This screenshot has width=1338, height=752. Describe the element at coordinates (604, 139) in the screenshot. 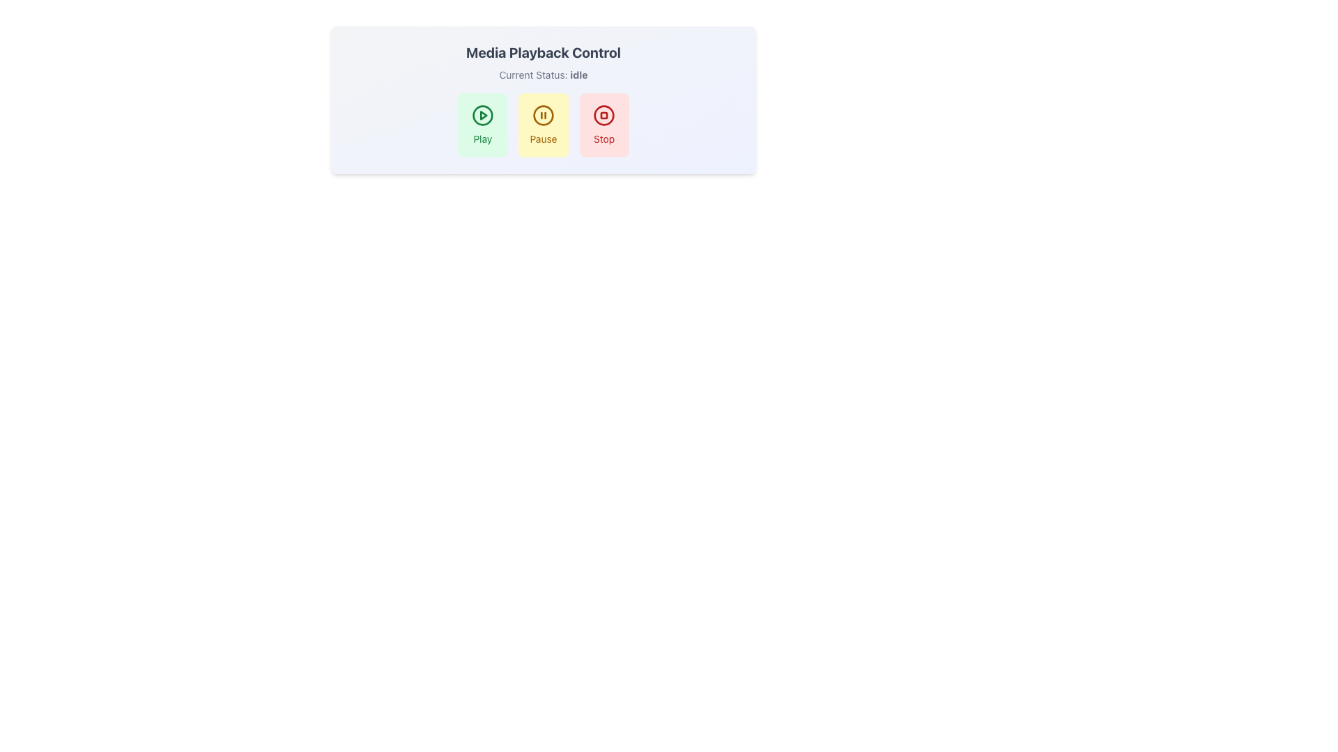

I see `the text label 'Stop' which is displayed in red color at the bottom of the red rounded rectangular card in the third column of a three-card grid` at that location.